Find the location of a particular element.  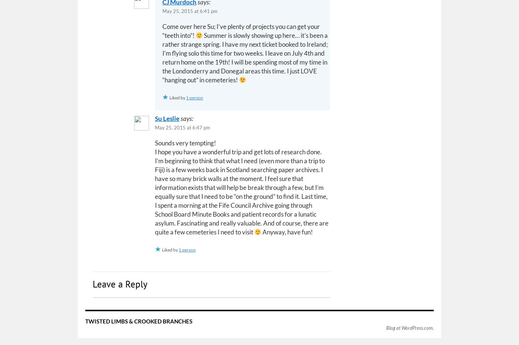

'Blog at WordPress.com.' is located at coordinates (410, 328).